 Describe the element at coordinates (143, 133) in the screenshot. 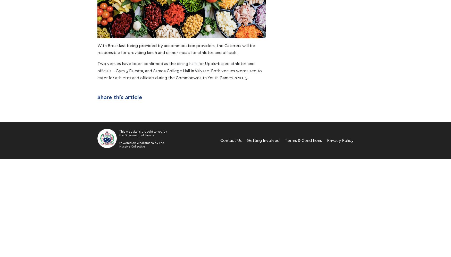

I see `'This website is brought to you by the Goverment of Samoa'` at that location.